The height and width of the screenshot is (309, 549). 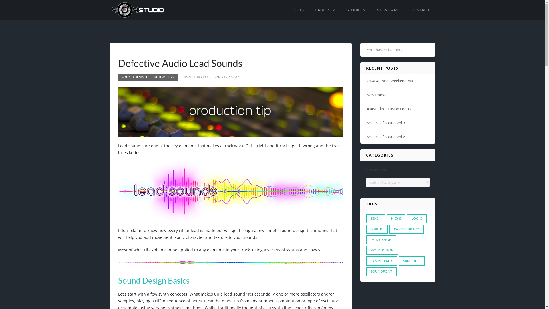 What do you see at coordinates (420, 10) in the screenshot?
I see `'CONTACT'` at bounding box center [420, 10].